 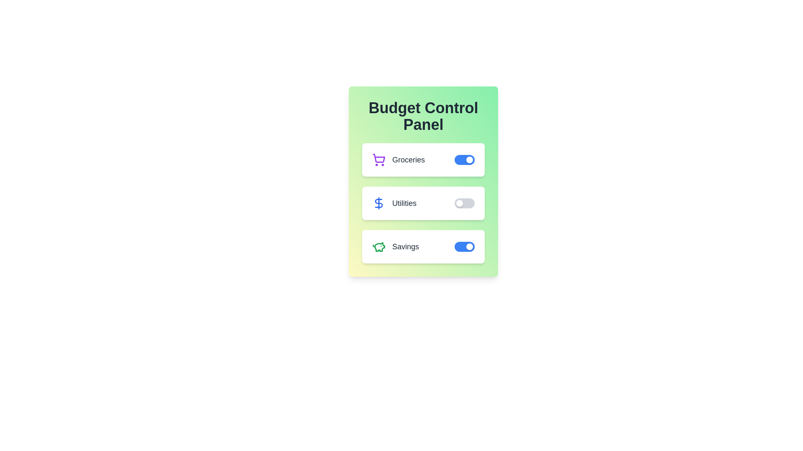 I want to click on the Utilities section to observe its hover effect, so click(x=423, y=203).